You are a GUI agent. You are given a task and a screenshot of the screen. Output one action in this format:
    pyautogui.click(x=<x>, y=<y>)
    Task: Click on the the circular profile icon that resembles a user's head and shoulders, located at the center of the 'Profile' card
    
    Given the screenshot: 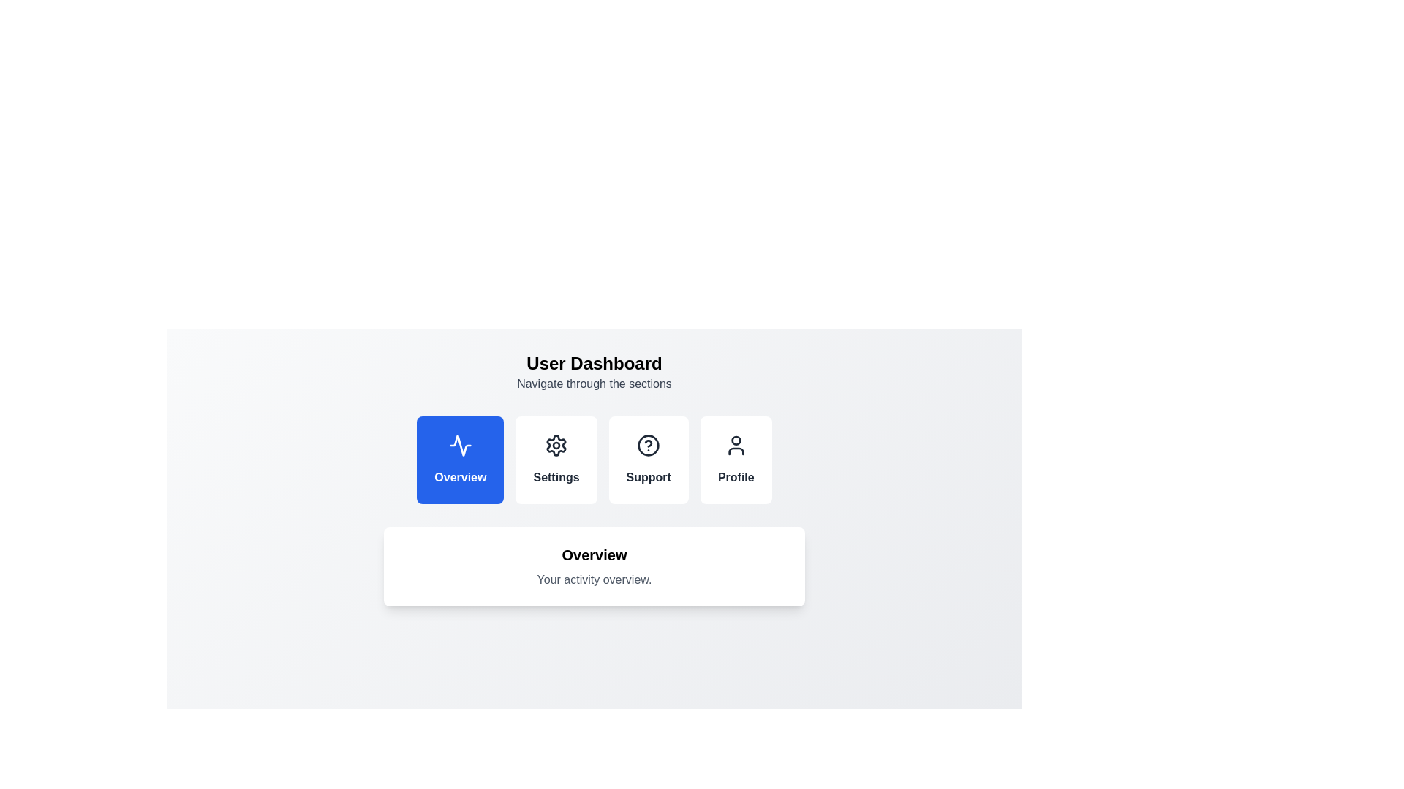 What is the action you would take?
    pyautogui.click(x=736, y=444)
    